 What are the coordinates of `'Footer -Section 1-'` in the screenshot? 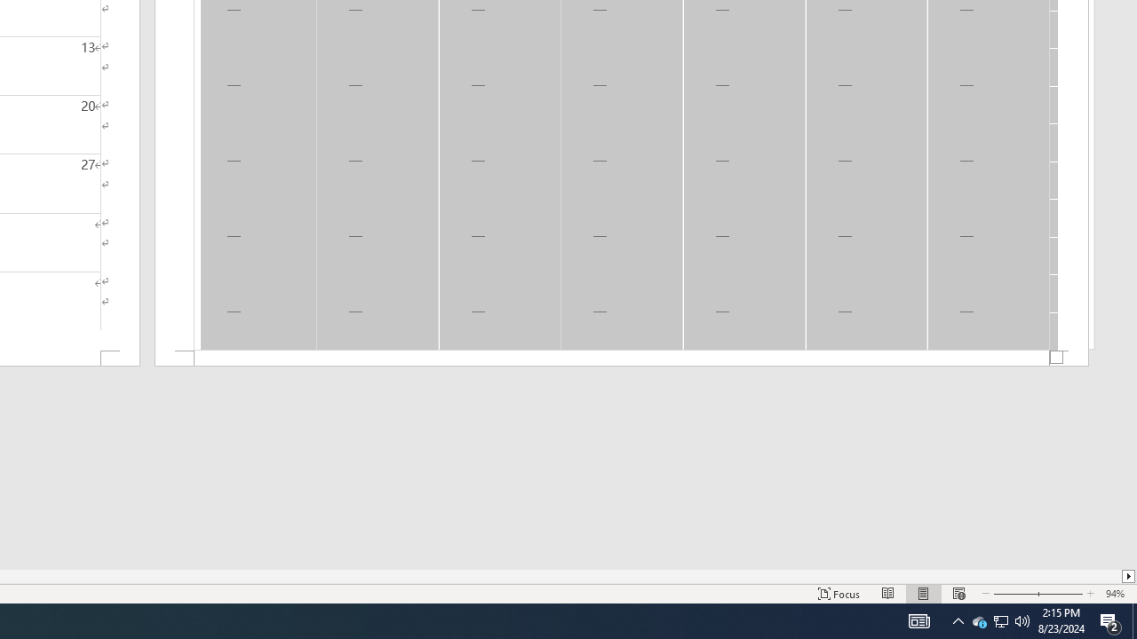 It's located at (622, 359).